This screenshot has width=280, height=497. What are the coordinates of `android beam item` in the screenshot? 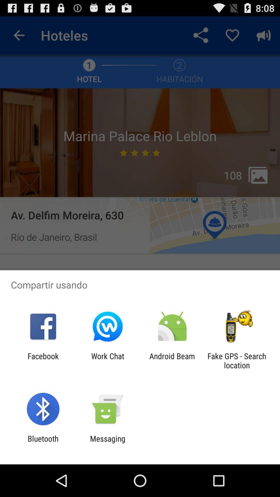 It's located at (172, 360).